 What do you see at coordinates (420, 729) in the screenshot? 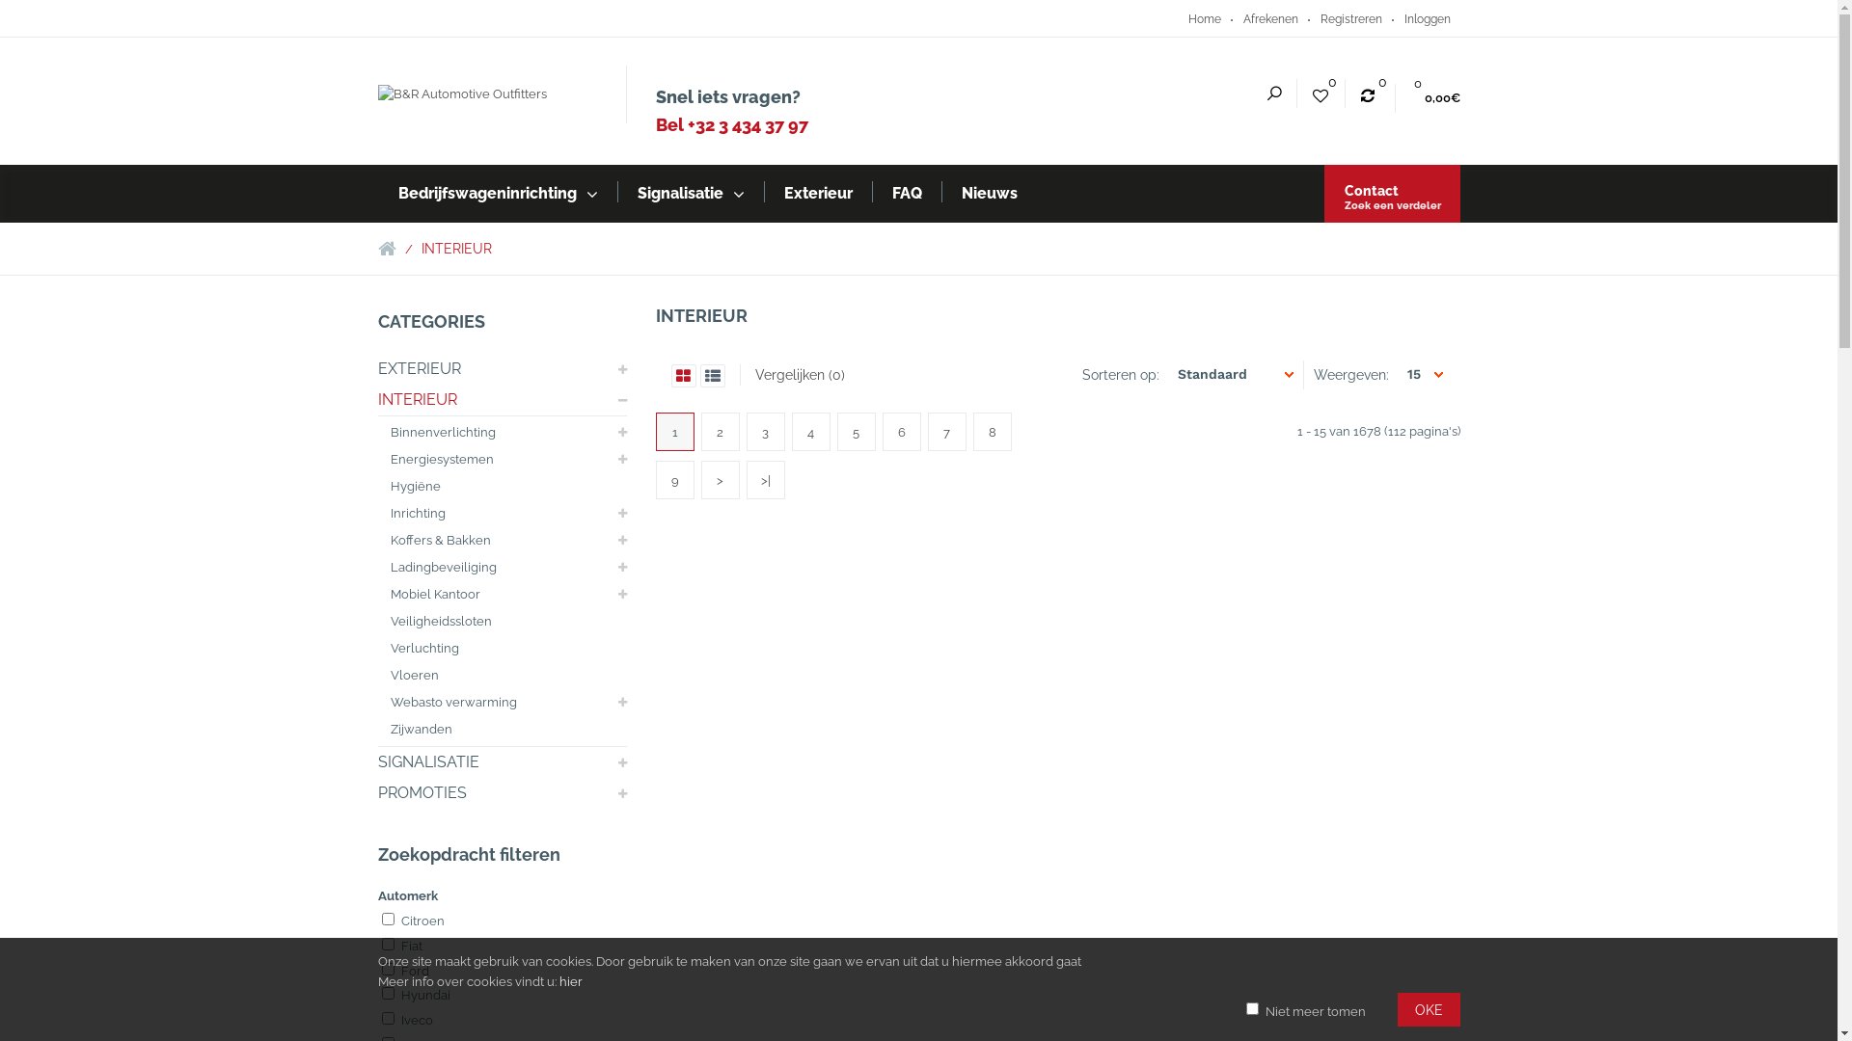
I see `'Zijwanden'` at bounding box center [420, 729].